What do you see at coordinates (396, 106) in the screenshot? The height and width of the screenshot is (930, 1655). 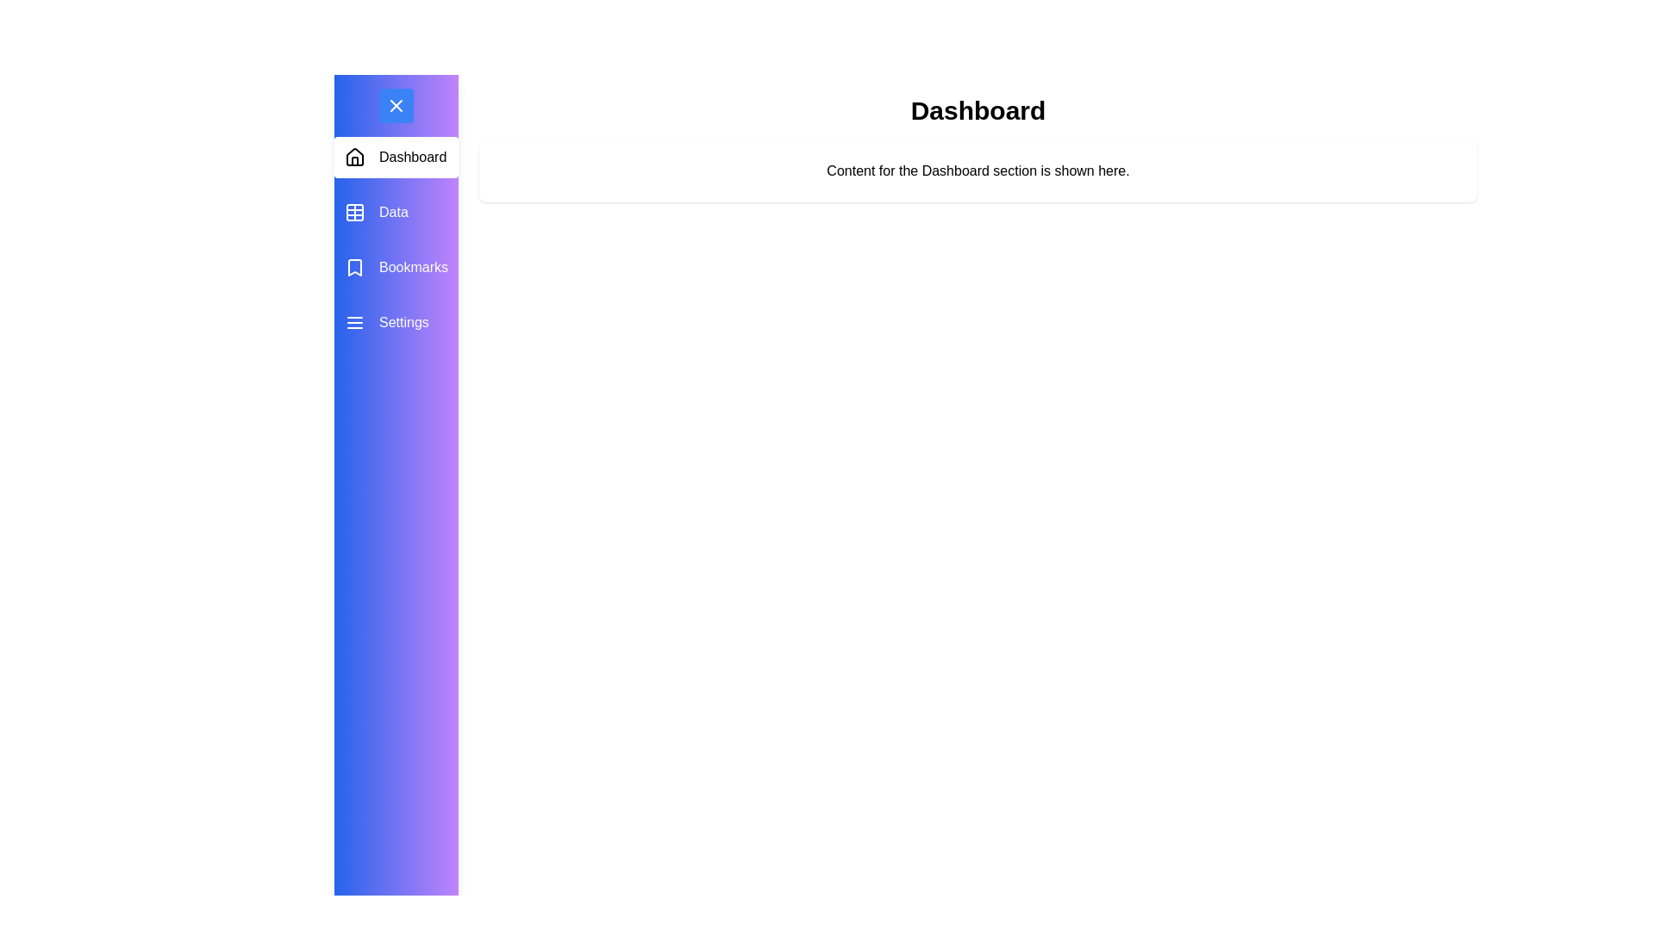 I see `the toggle button to change the drawer's visibility` at bounding box center [396, 106].